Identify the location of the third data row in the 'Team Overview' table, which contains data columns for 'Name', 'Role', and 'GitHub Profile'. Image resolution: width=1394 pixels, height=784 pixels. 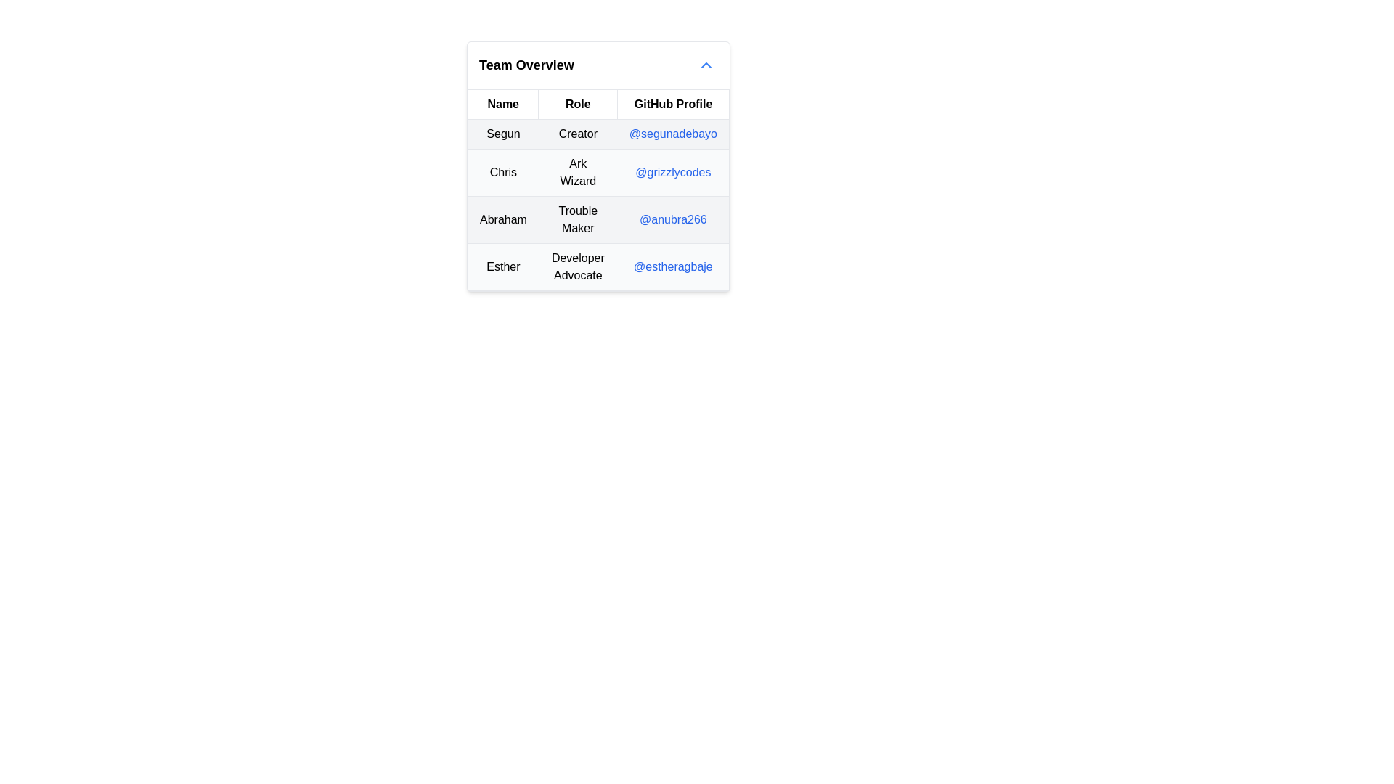
(598, 205).